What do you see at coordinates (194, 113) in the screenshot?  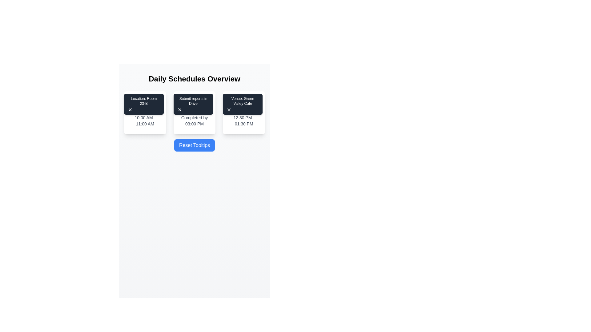 I see `the middle Informational card in the 'Daily Schedules Overview' section, which provides details about a specific task or event` at bounding box center [194, 113].